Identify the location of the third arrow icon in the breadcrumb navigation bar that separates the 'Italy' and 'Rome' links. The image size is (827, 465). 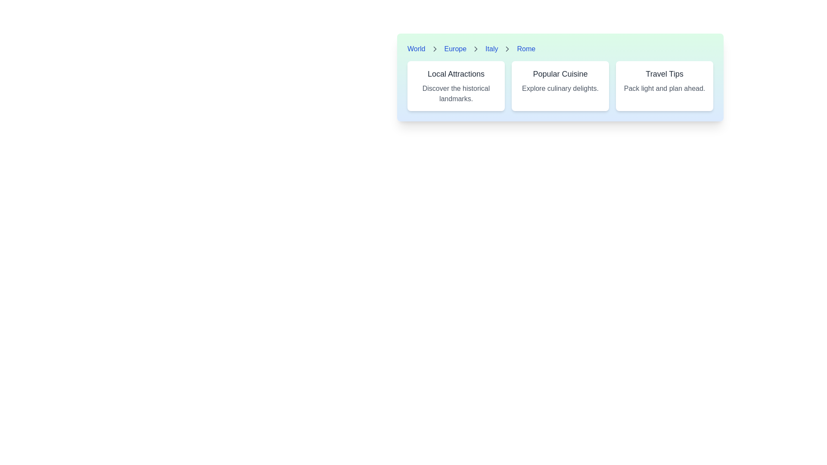
(507, 49).